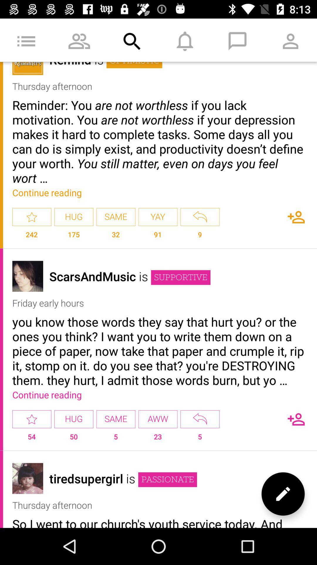  What do you see at coordinates (283, 494) in the screenshot?
I see `icon to the right of passionate icon` at bounding box center [283, 494].